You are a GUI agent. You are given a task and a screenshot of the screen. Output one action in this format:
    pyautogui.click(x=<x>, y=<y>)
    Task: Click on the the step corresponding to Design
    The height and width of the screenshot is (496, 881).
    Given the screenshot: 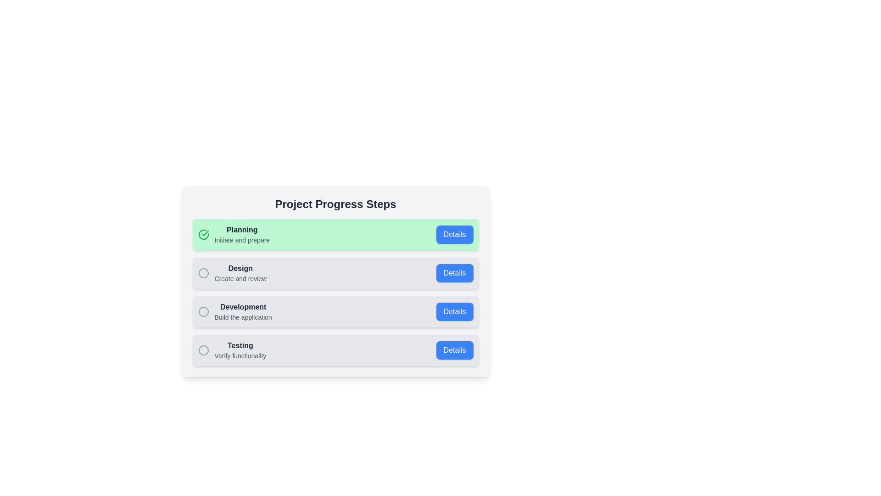 What is the action you would take?
    pyautogui.click(x=335, y=272)
    